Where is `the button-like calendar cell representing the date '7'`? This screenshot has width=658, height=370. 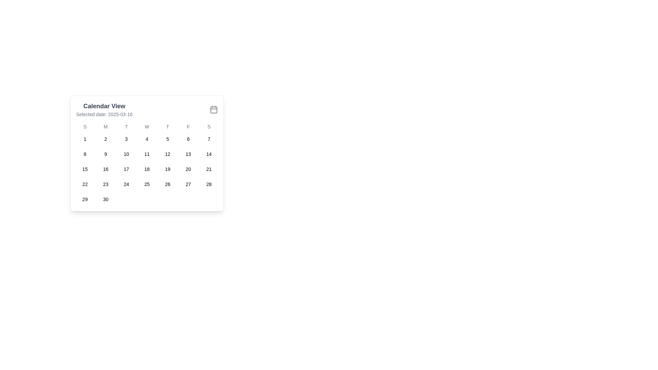
the button-like calendar cell representing the date '7' is located at coordinates (208, 139).